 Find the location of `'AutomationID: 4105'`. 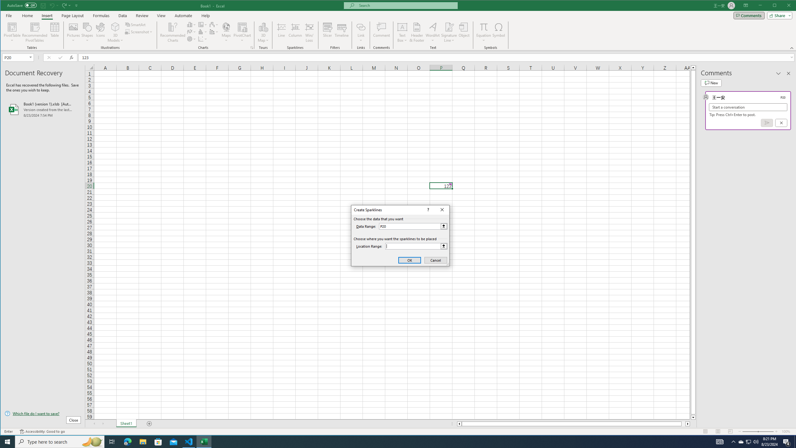

'AutomationID: 4105' is located at coordinates (720, 441).